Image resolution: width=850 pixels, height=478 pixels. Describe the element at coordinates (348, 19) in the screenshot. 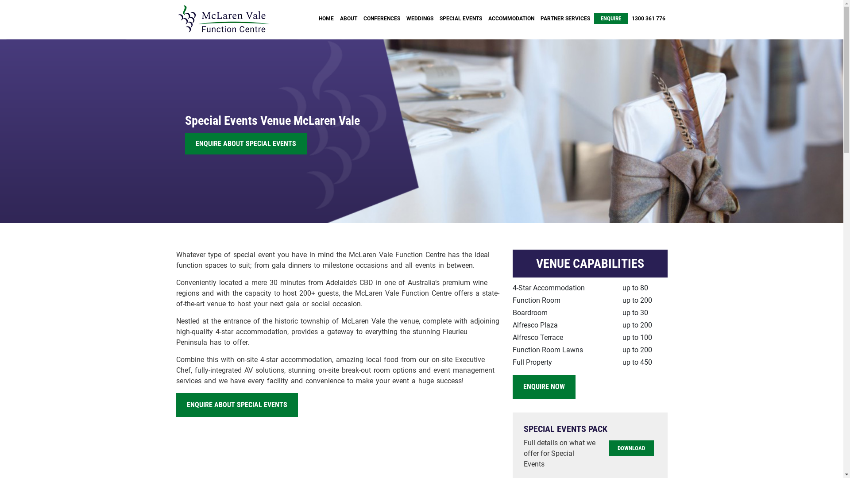

I see `'ABOUT'` at that location.